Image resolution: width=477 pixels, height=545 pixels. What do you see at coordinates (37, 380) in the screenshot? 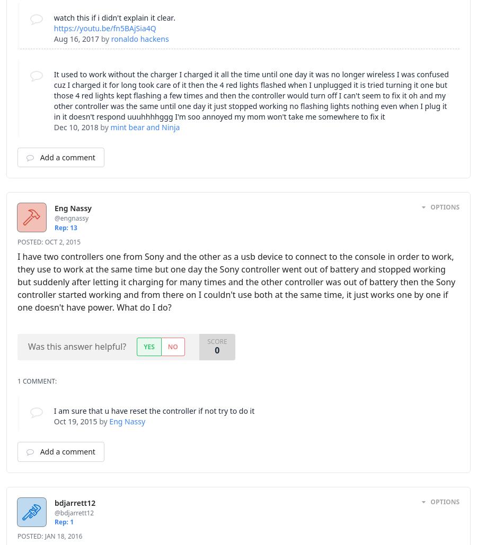
I see `'1 Comment:'` at bounding box center [37, 380].